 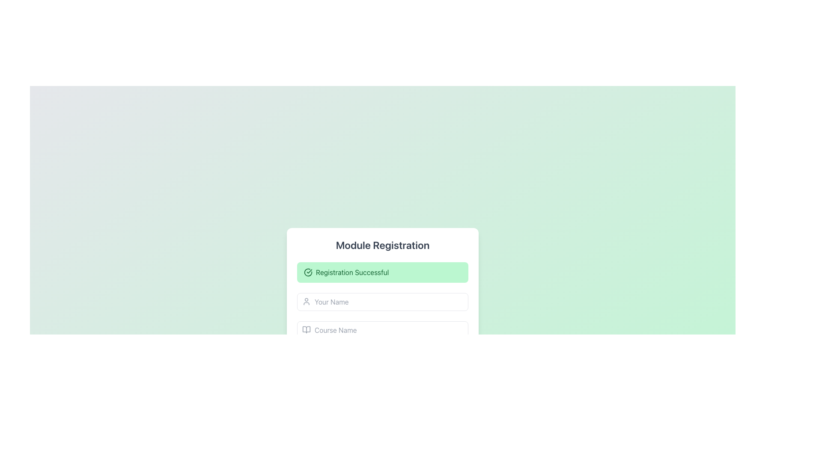 What do you see at coordinates (308, 272) in the screenshot?
I see `the circular graphic part of the confirmation checkmark icon located near the top of the green success message box below the 'Module Registration' title` at bounding box center [308, 272].